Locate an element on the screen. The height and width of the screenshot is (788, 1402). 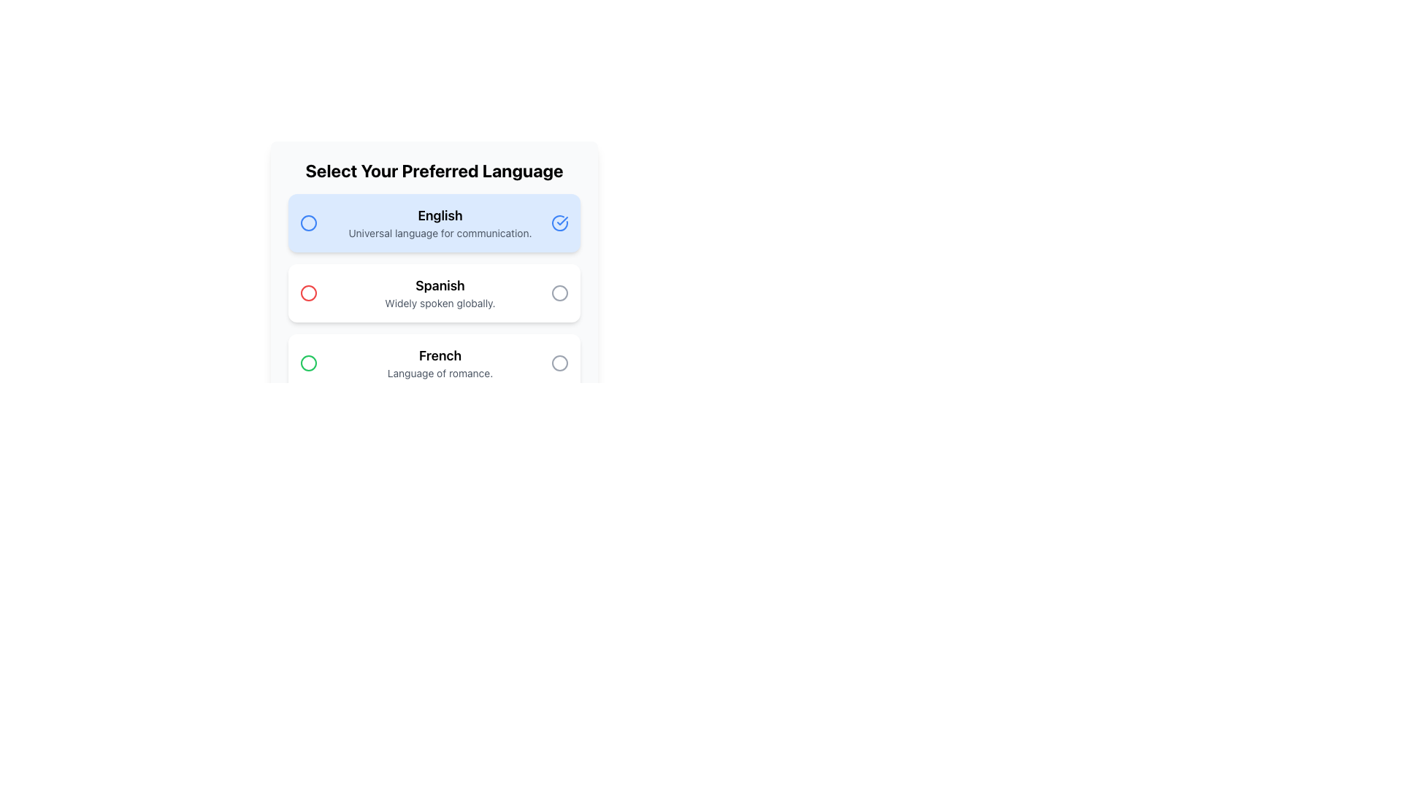
the graphical circle indicator is located at coordinates (559, 293).